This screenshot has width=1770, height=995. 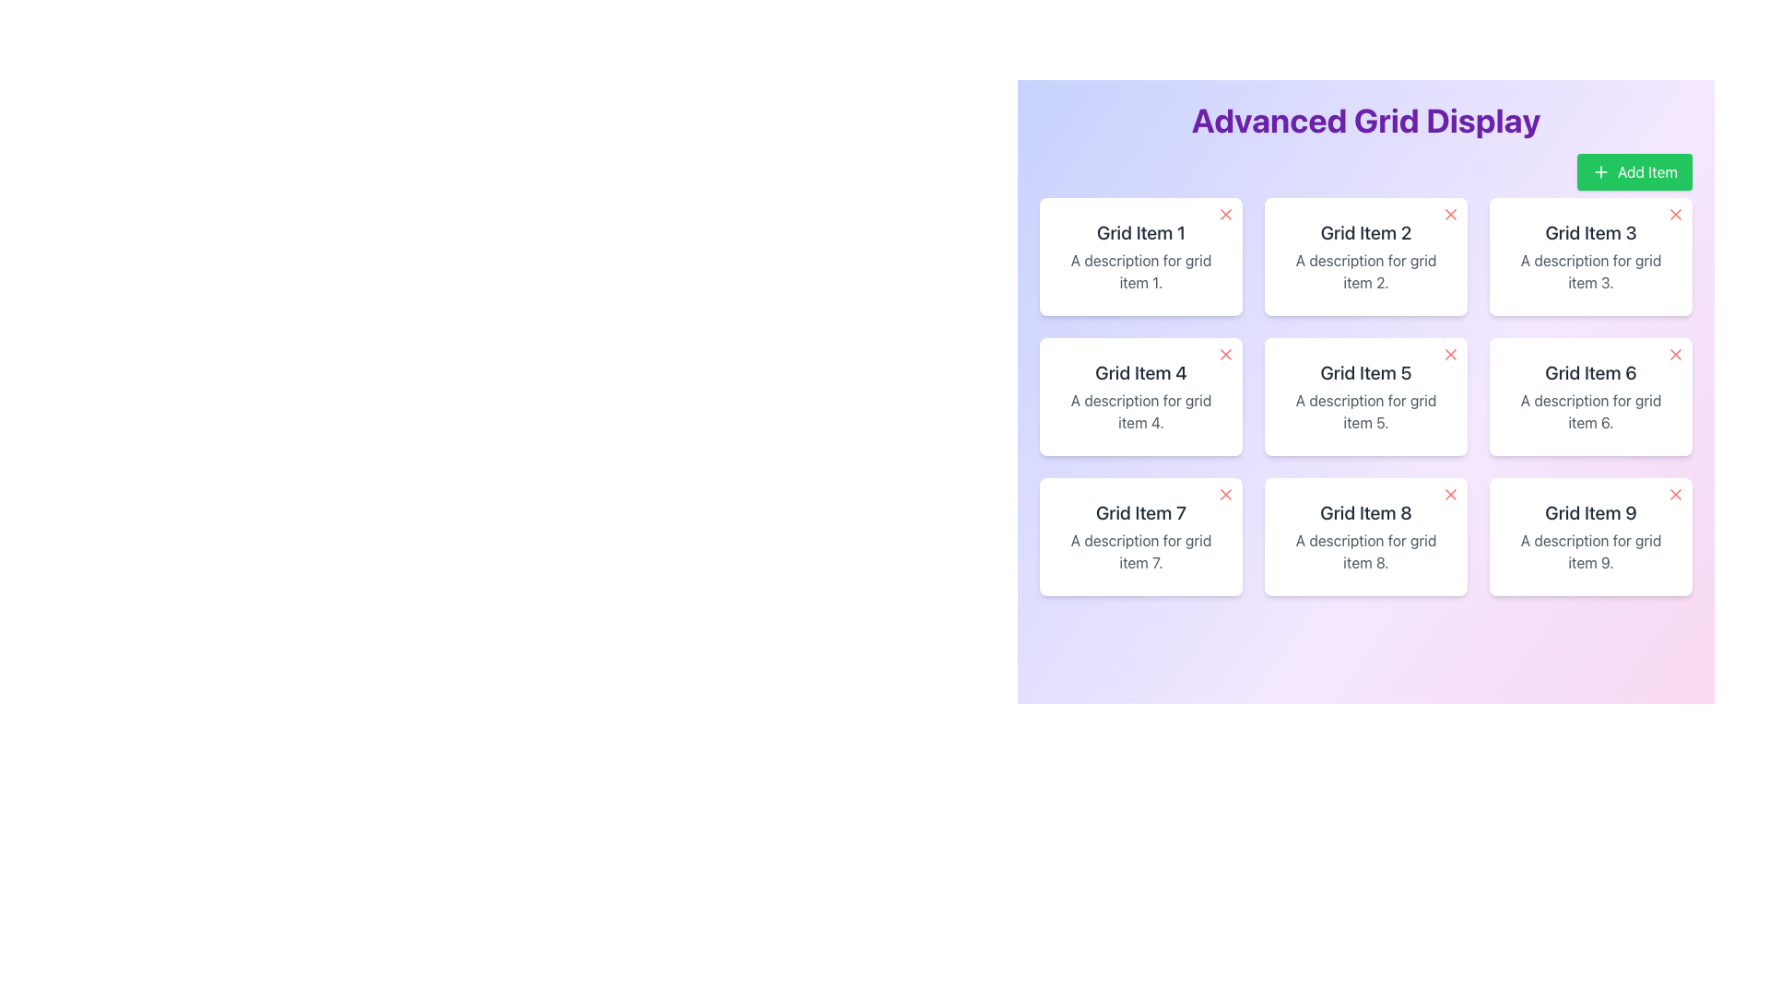 I want to click on the text label that reads 'A description for grid item 6.' which is styled in gray font and positioned beneath the title text 'Grid Item 6', so click(x=1590, y=411).